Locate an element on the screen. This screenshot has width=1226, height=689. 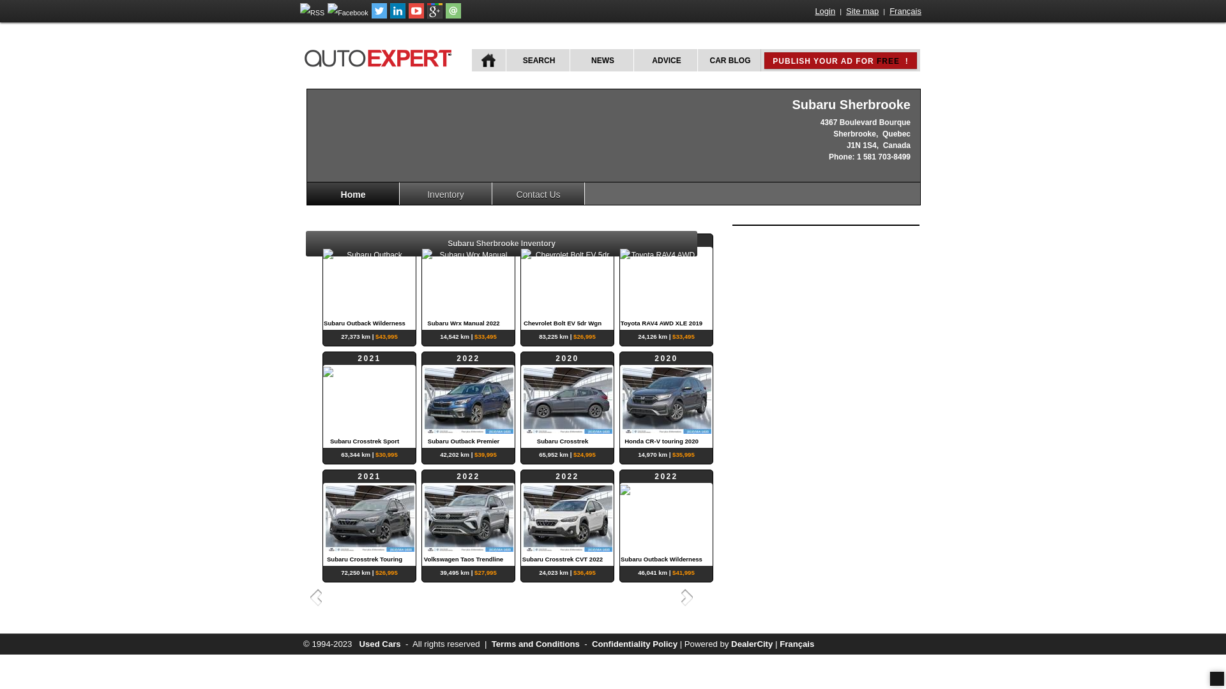
'SEARCH' is located at coordinates (537, 60).